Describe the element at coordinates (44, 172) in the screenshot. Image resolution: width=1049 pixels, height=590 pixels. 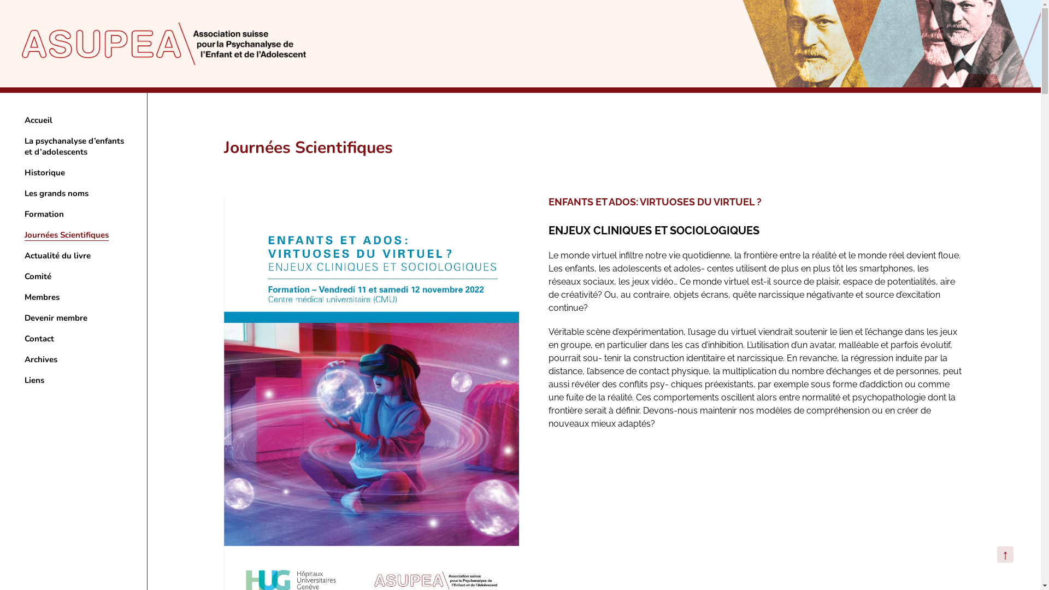
I see `'Historique'` at that location.